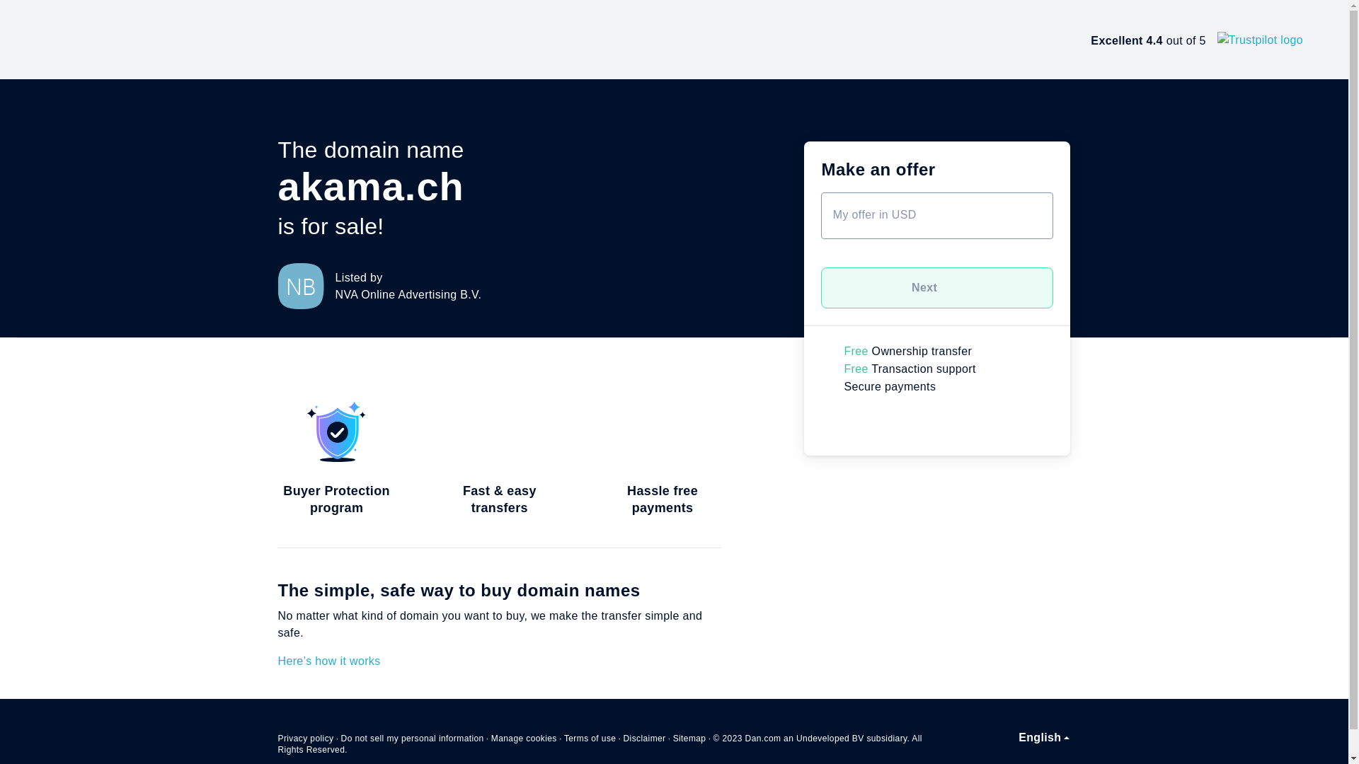  Describe the element at coordinates (1043, 736) in the screenshot. I see `'English'` at that location.